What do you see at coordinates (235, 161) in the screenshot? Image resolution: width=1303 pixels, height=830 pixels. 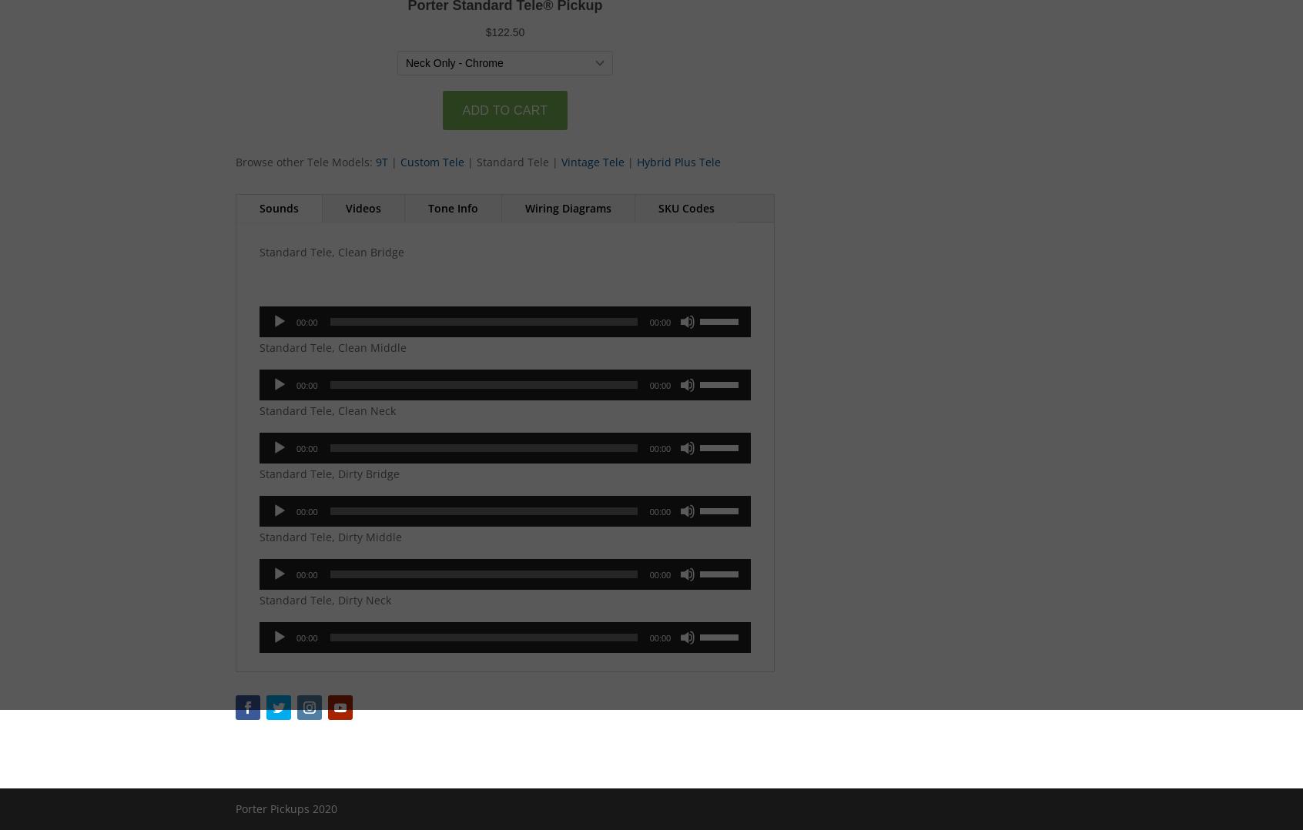 I see `'Browse other Tele Models:'` at bounding box center [235, 161].